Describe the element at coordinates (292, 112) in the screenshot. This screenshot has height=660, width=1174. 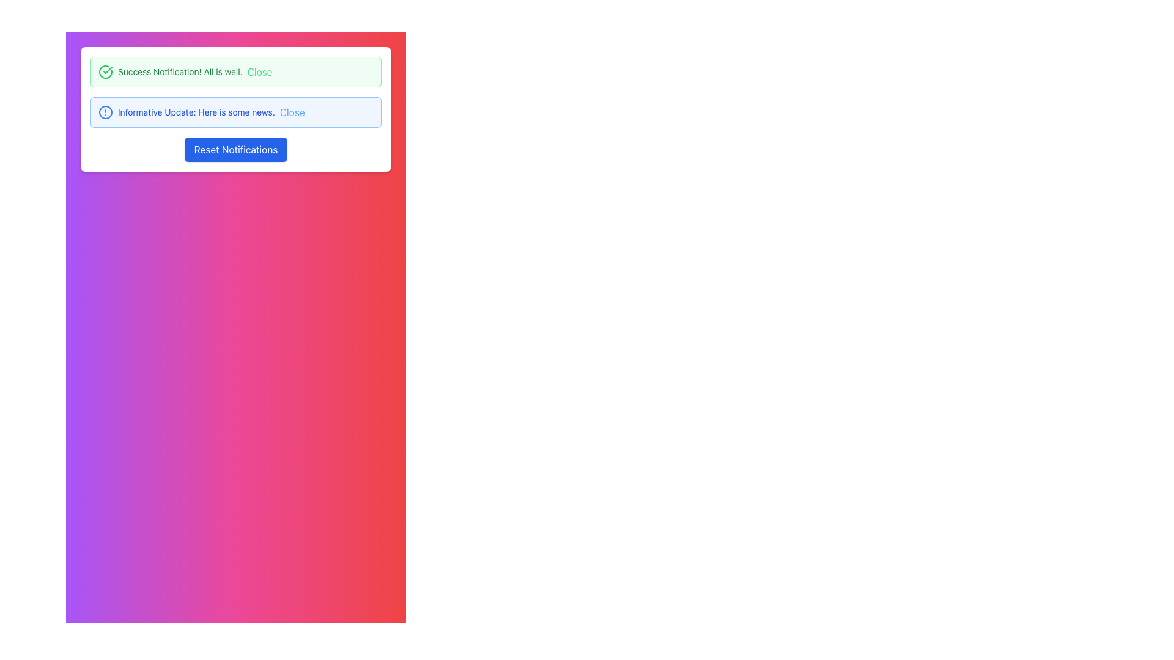
I see `the dismiss button in the bottom notification box` at that location.